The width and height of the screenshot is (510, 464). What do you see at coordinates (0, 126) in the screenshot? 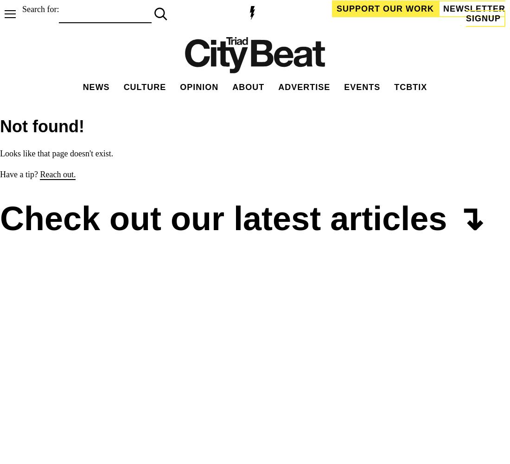
I see `'Not found!'` at bounding box center [0, 126].